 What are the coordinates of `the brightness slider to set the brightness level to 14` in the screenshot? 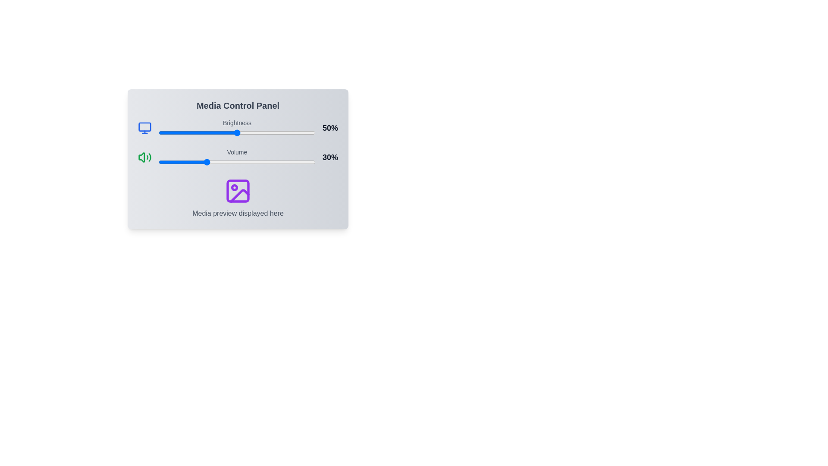 It's located at (180, 133).